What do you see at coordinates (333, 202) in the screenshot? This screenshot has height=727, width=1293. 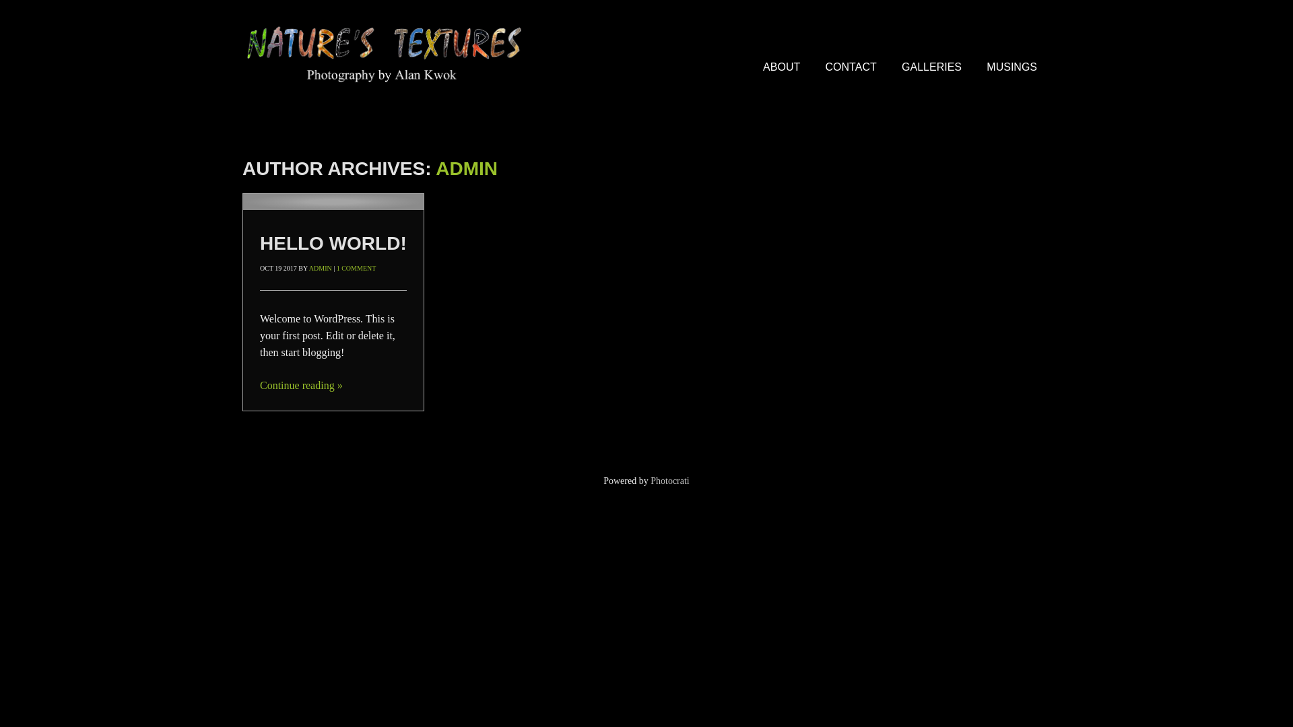 I see `' '` at bounding box center [333, 202].